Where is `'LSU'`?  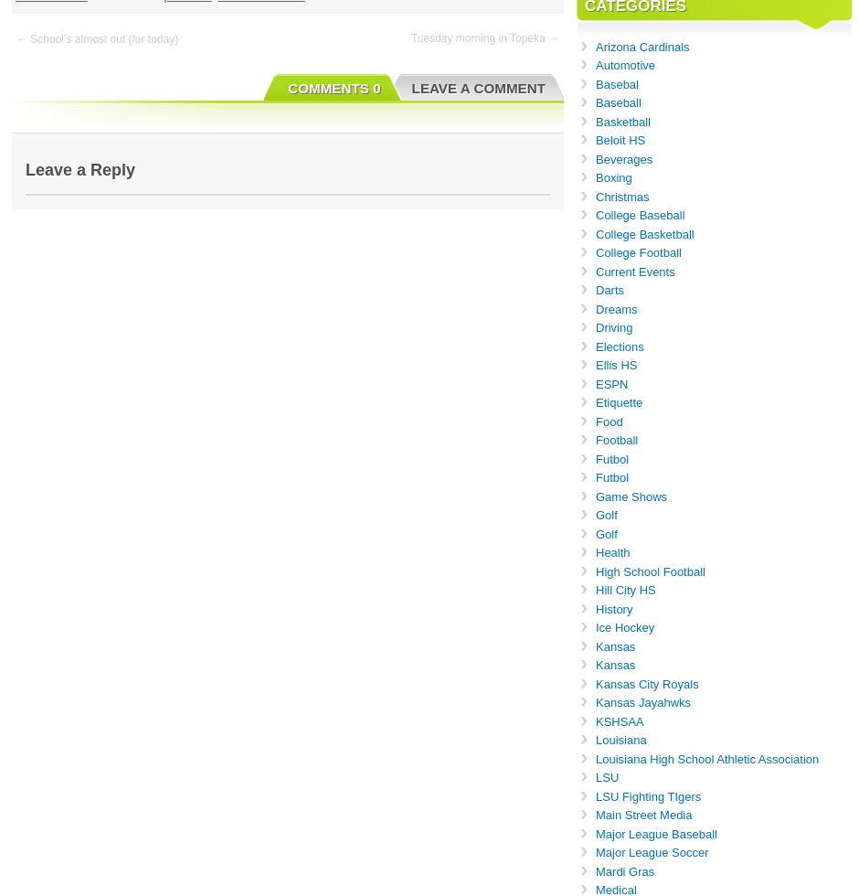
'LSU' is located at coordinates (607, 777).